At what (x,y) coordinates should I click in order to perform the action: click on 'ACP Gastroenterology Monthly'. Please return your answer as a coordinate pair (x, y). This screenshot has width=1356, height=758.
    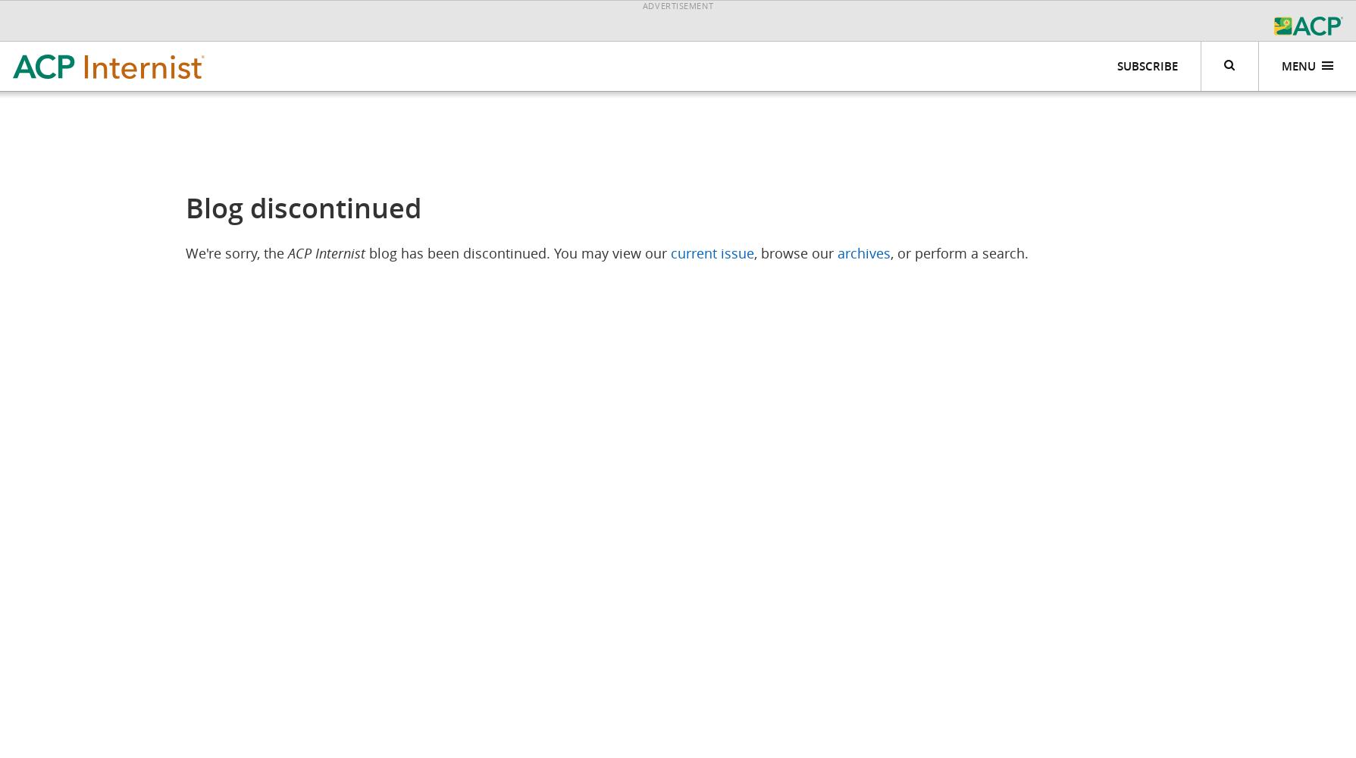
    Looking at the image, I should click on (805, 211).